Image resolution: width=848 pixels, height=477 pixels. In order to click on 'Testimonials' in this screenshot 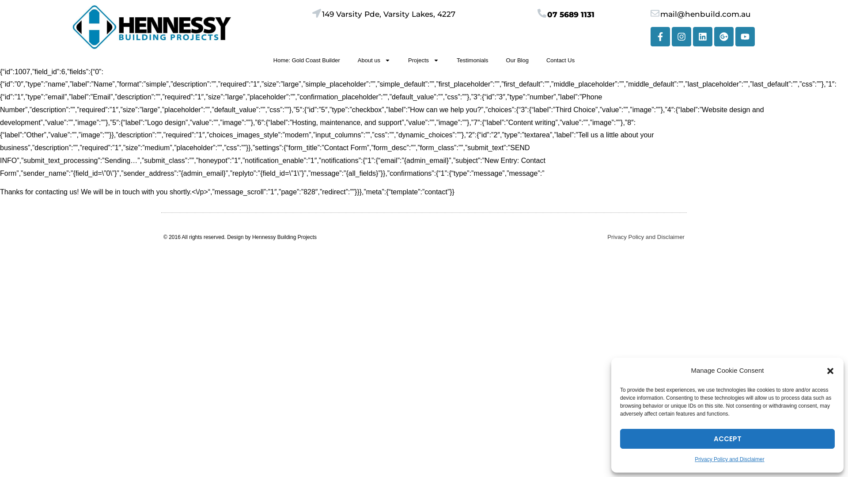, I will do `click(472, 60)`.